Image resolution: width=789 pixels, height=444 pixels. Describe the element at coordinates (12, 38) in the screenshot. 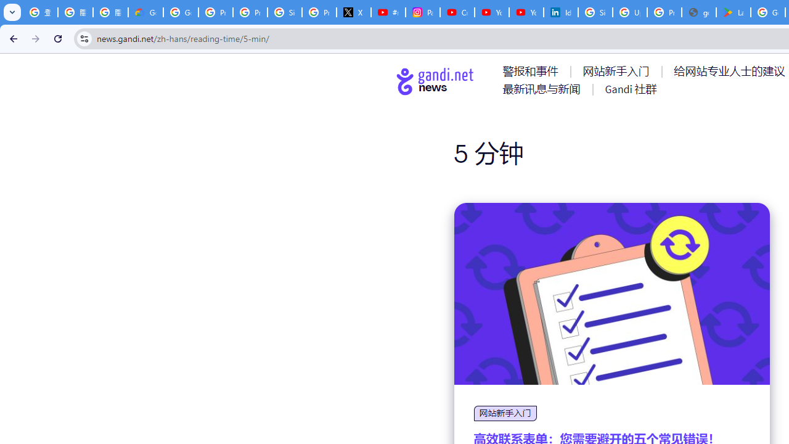

I see `'Back'` at that location.